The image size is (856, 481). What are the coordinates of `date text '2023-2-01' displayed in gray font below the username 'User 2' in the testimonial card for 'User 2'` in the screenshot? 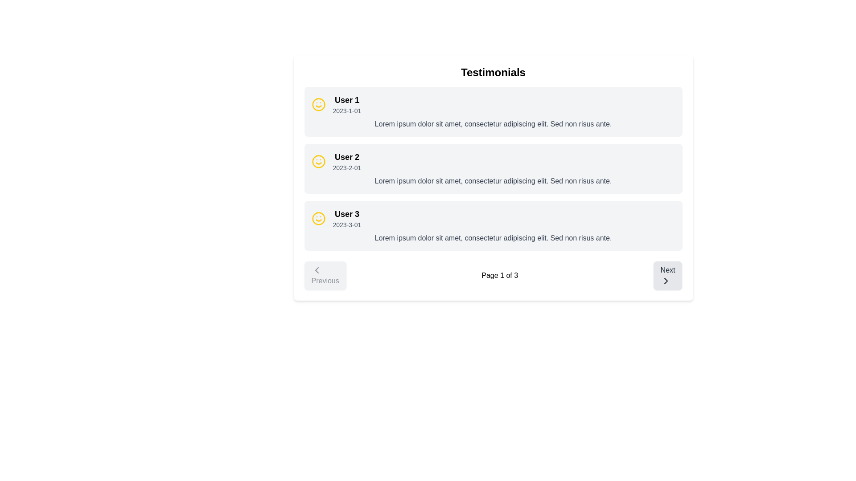 It's located at (346, 168).